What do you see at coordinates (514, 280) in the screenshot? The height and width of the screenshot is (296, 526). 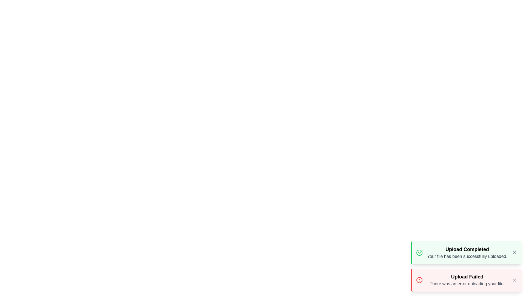 I see `the close button styled as an 'X' icon located at the bottom right corner of the 'Upload Failed' error message box to trigger the color transition effect` at bounding box center [514, 280].